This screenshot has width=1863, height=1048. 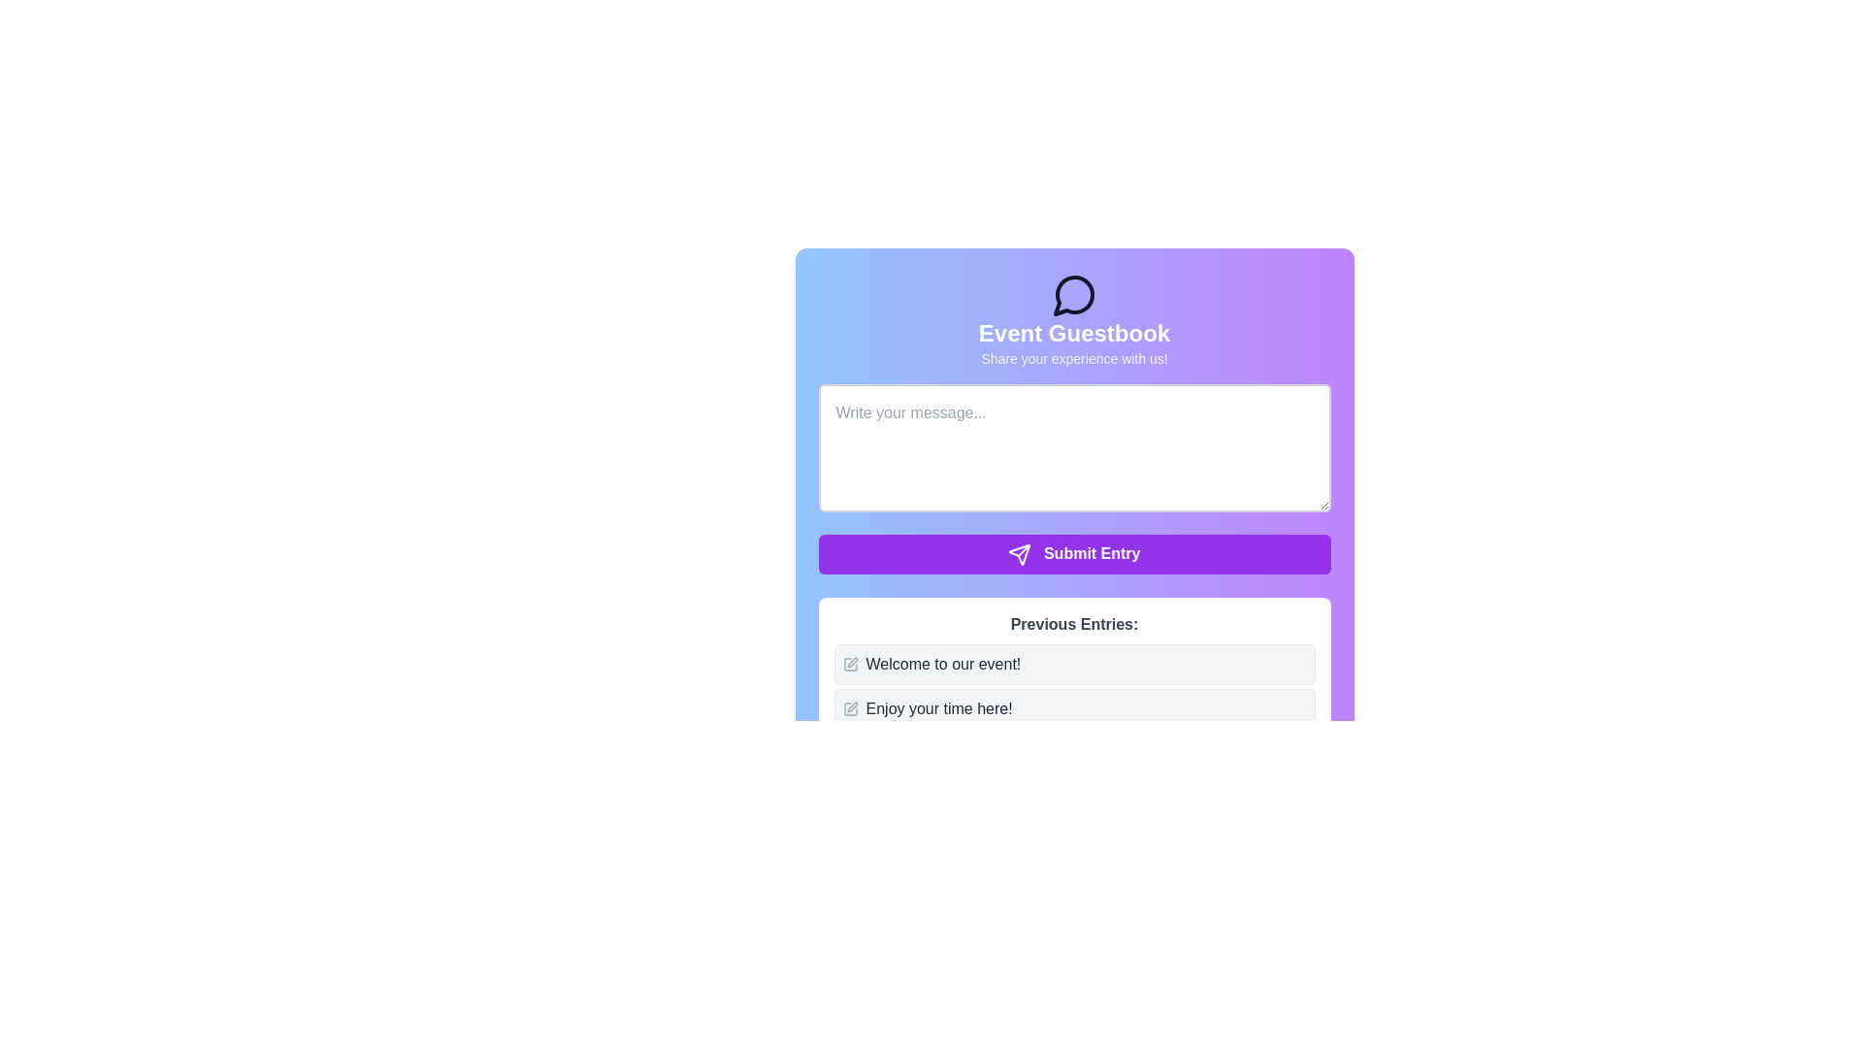 I want to click on the Text Label displaying 'Welcome to our event!' located in the 'Previous Entries' section, below the 'Submit Entry' button, so click(x=943, y=663).